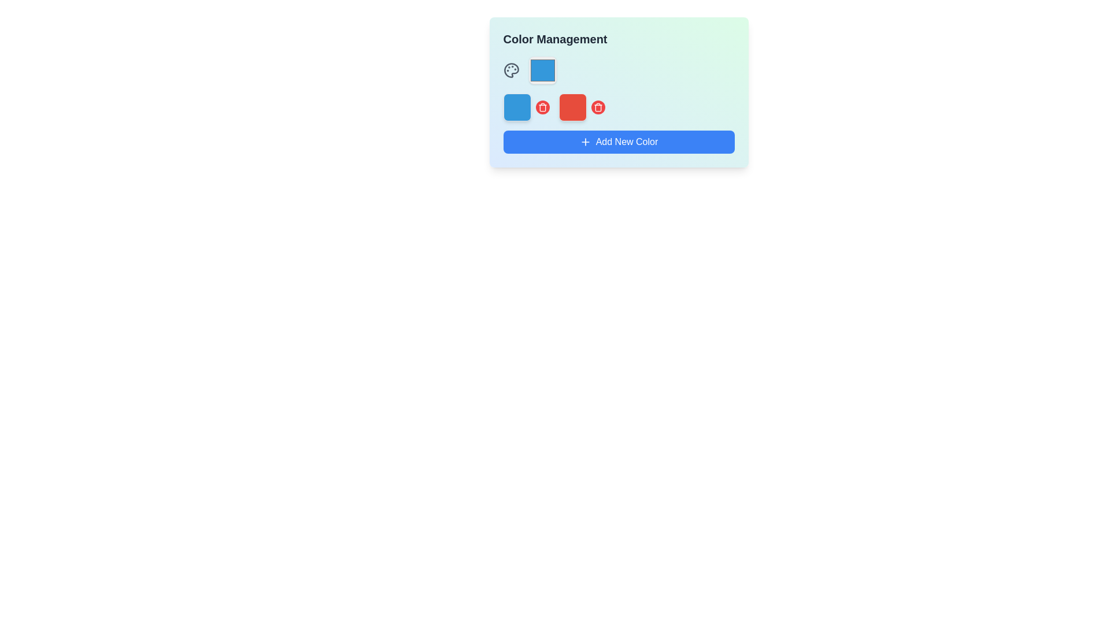 This screenshot has width=1110, height=624. I want to click on the trash bin icon button in the top-right corner of the red square element within the 'Color Management' card, so click(542, 107).